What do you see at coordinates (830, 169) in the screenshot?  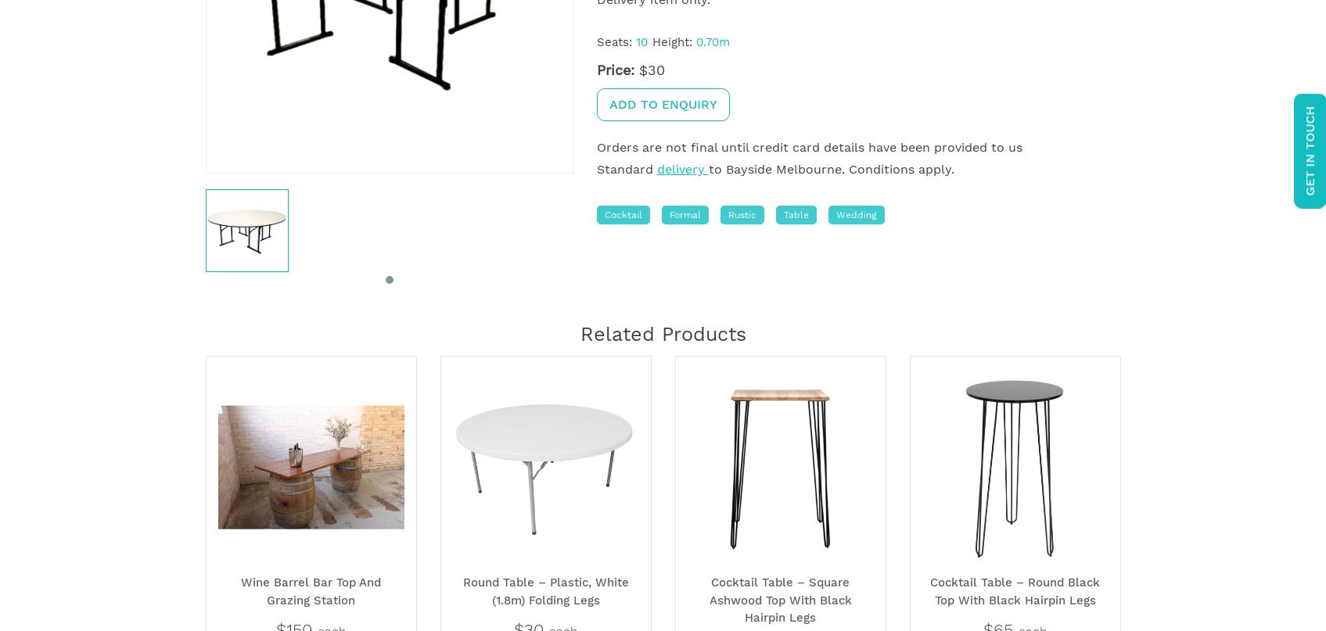 I see `'to Bayside Melbourne. Conditions apply.'` at bounding box center [830, 169].